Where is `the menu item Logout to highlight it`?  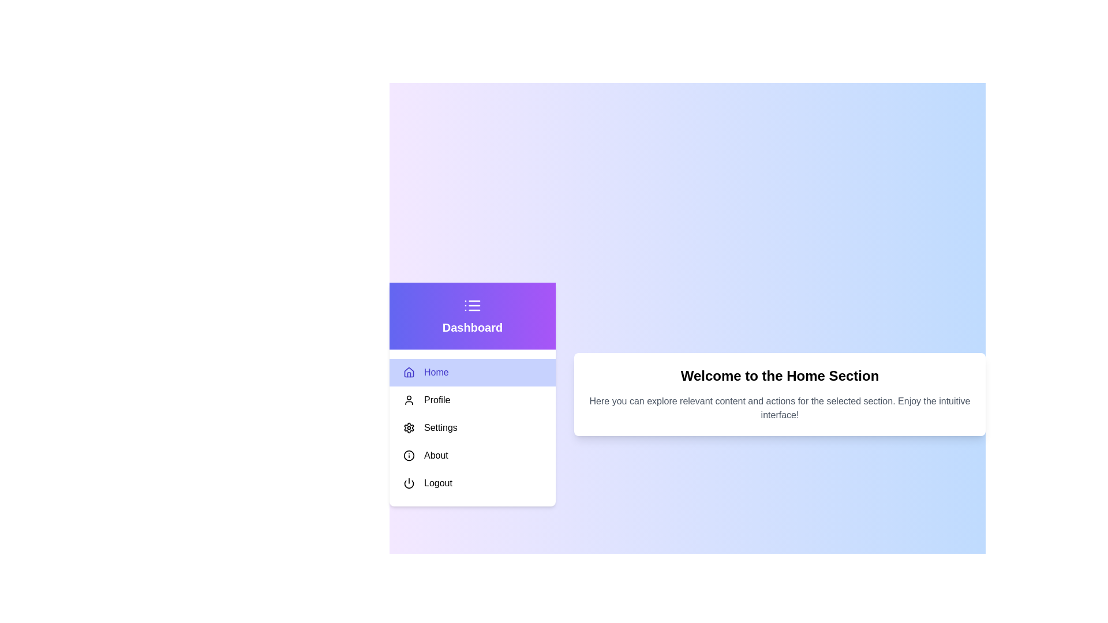 the menu item Logout to highlight it is located at coordinates (473, 483).